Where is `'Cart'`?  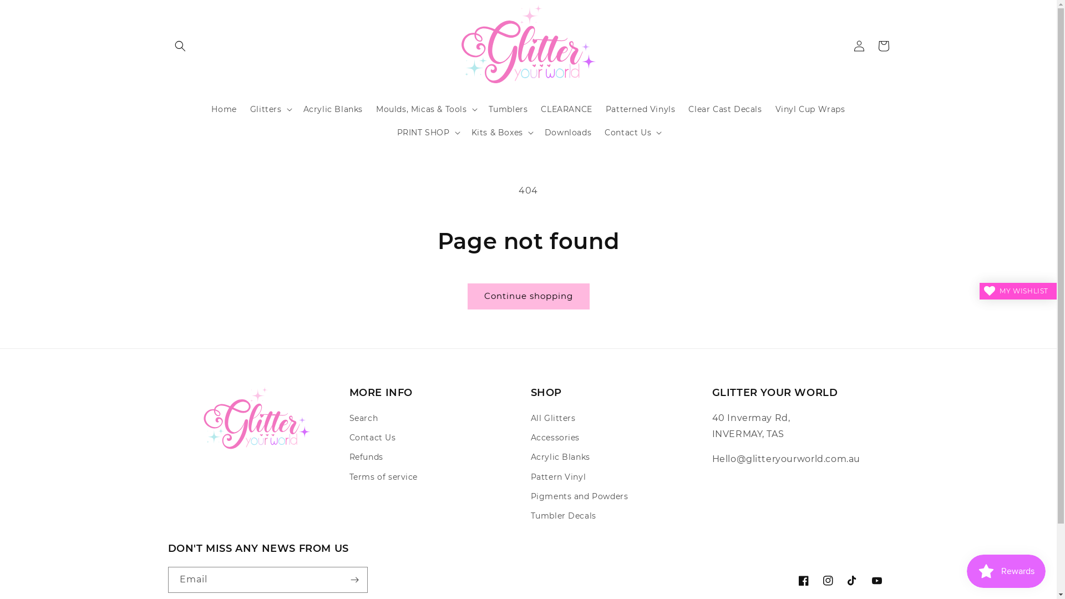 'Cart' is located at coordinates (883, 44).